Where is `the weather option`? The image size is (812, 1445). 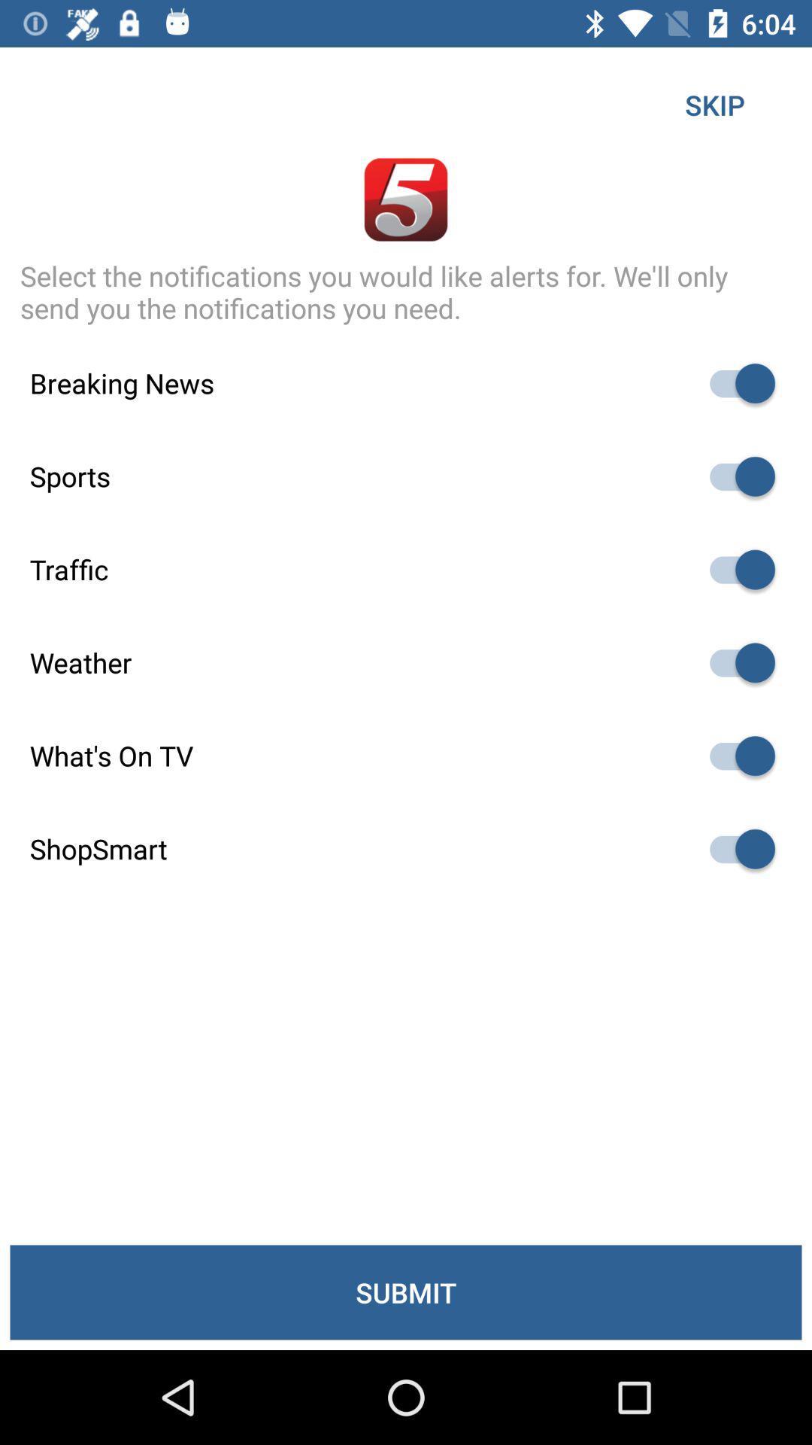
the weather option is located at coordinates (735, 662).